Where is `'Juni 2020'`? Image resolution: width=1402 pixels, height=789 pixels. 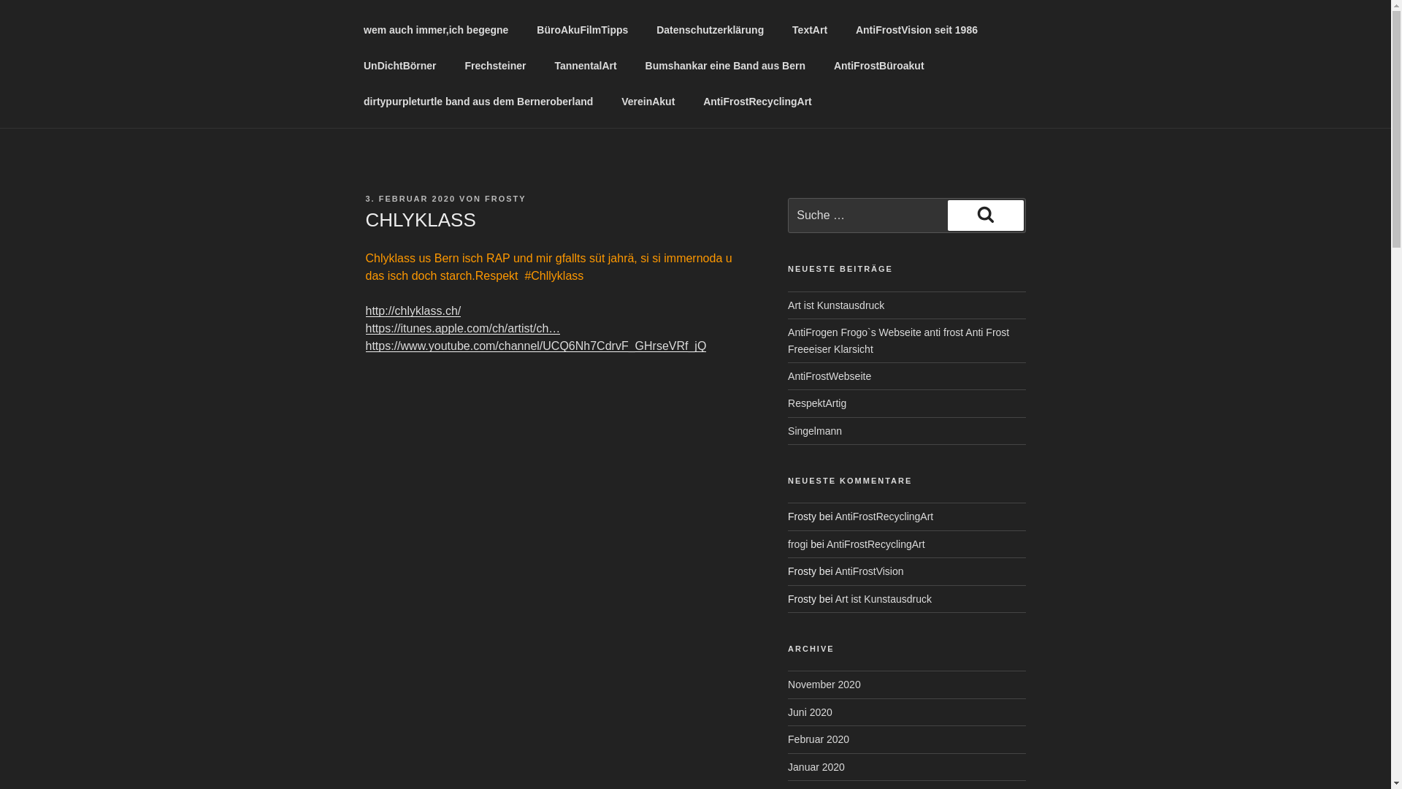 'Juni 2020' is located at coordinates (809, 712).